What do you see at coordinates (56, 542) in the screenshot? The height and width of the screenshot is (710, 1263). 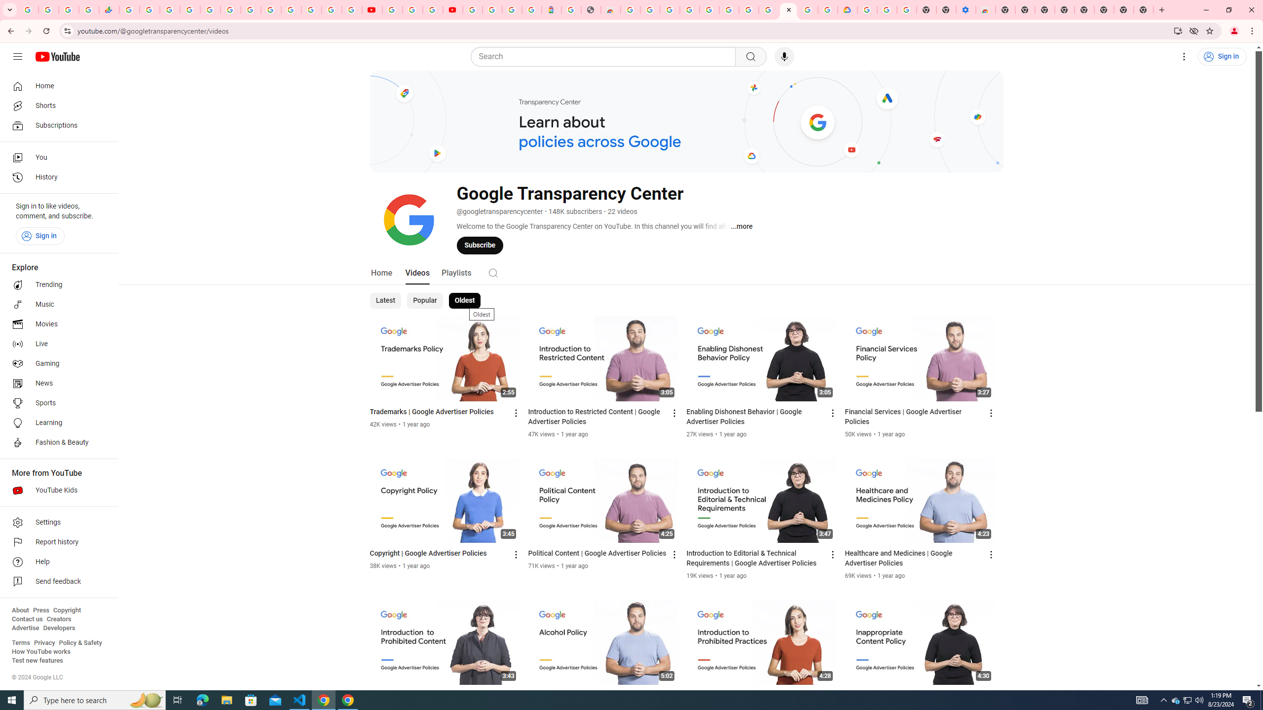 I see `'Report history'` at bounding box center [56, 542].